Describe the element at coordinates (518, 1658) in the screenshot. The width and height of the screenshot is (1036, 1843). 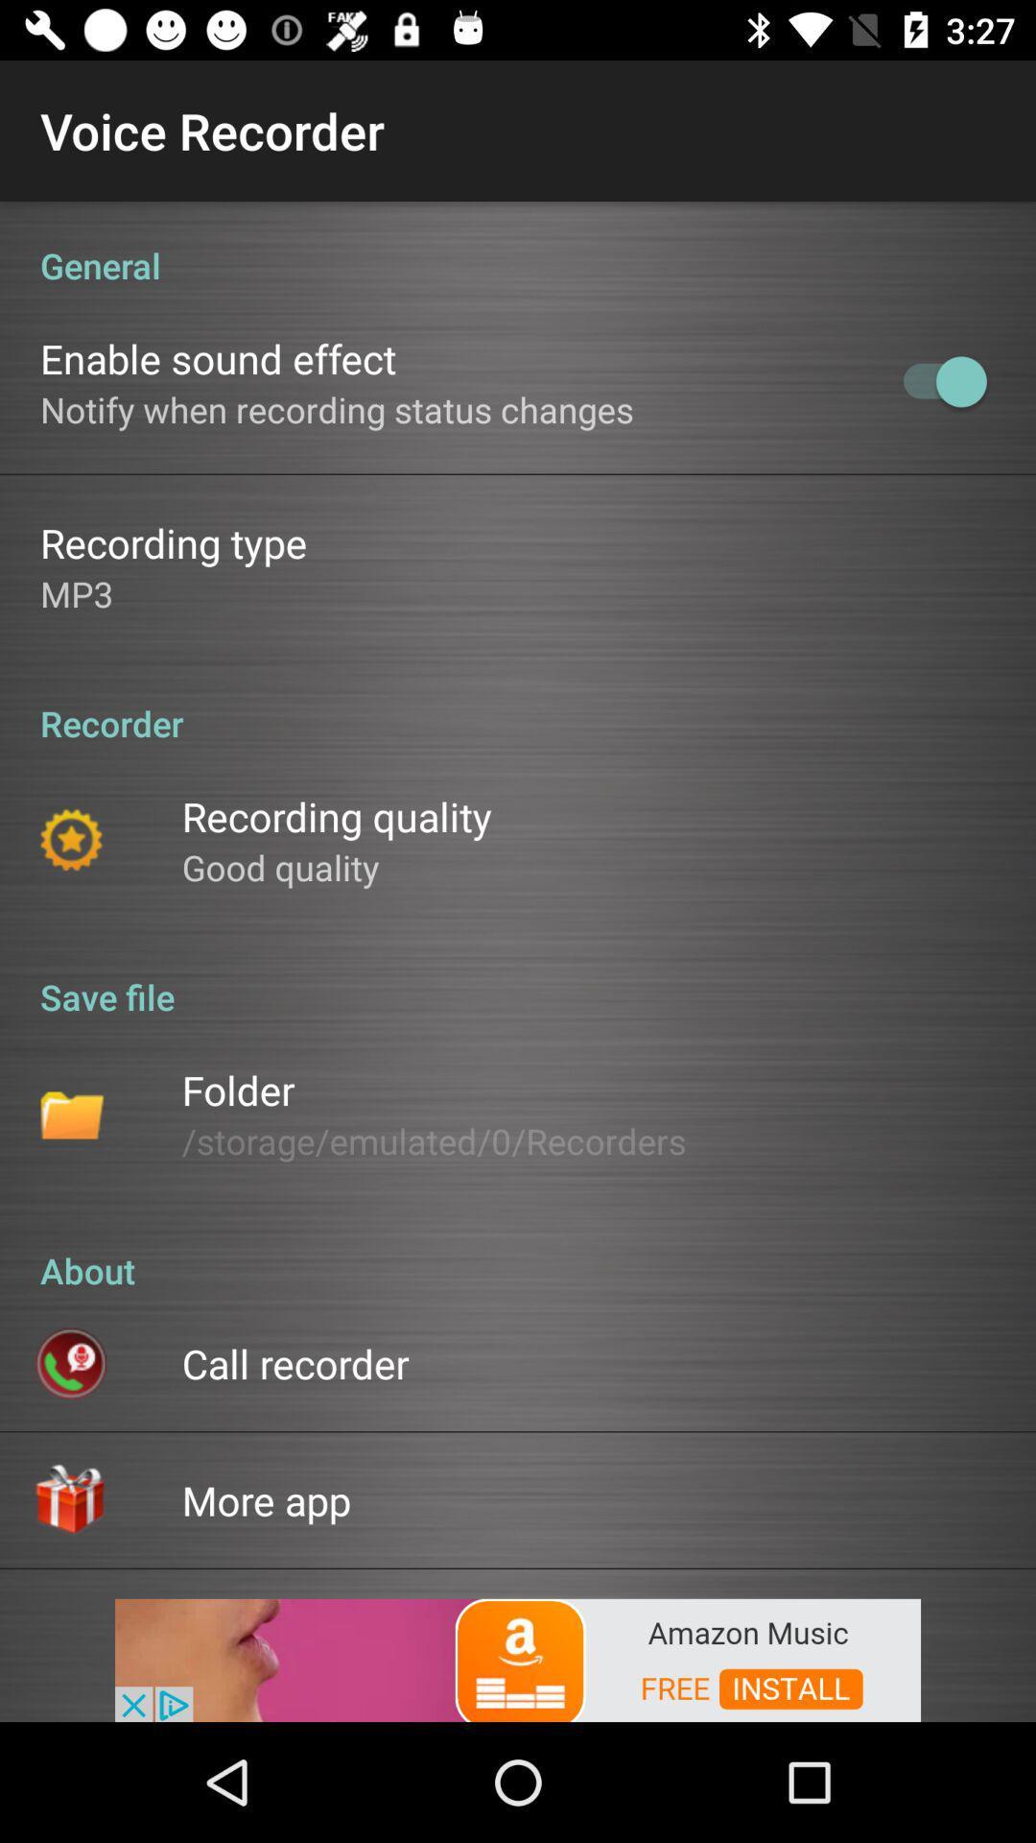
I see `advertisement option` at that location.